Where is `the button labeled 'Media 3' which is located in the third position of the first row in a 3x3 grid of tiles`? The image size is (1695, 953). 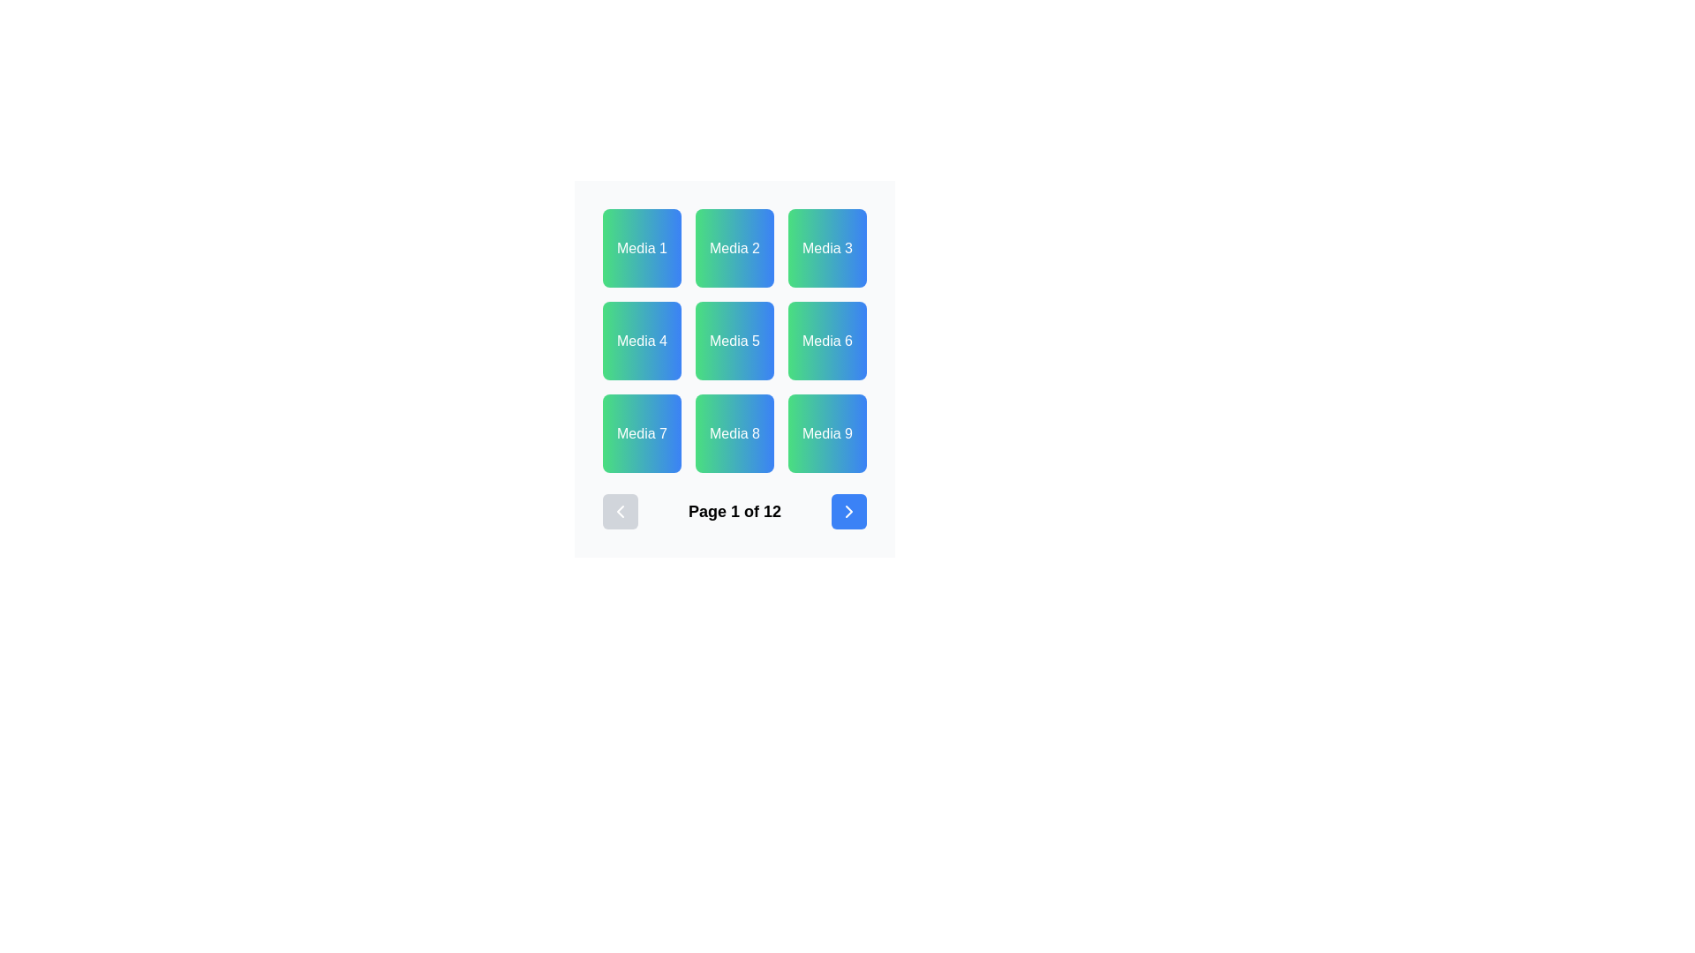 the button labeled 'Media 3' which is located in the third position of the first row in a 3x3 grid of tiles is located at coordinates (826, 248).